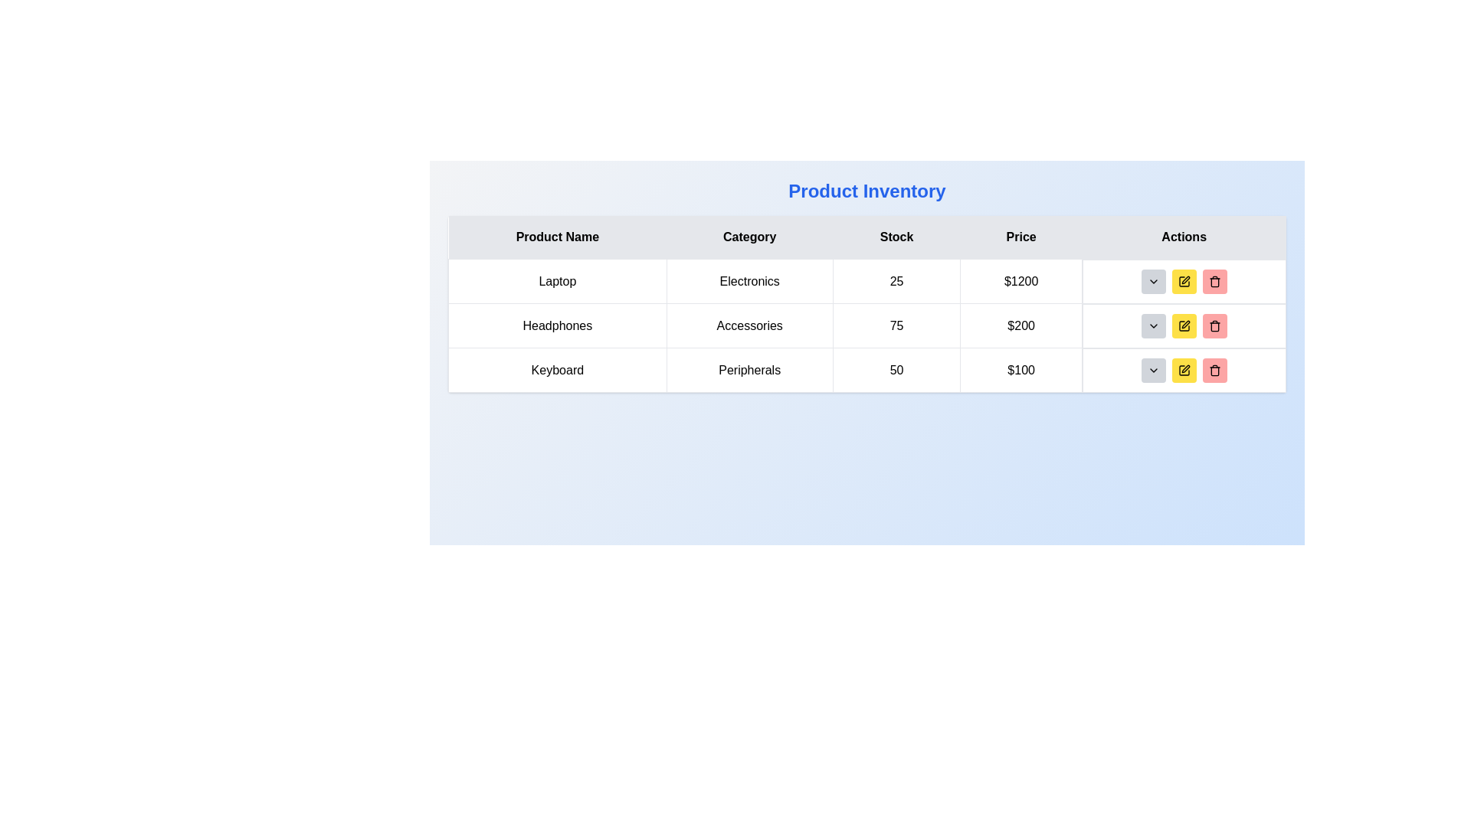 This screenshot has height=827, width=1471. I want to click on the 'Edit' icon located in the 'Actions' column of the third row in the table, so click(1184, 323).